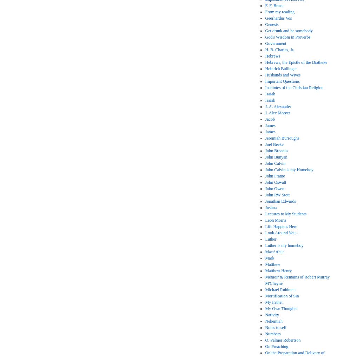 The height and width of the screenshot is (356, 344). I want to click on 'John Calvin is my Homeboy', so click(289, 169).